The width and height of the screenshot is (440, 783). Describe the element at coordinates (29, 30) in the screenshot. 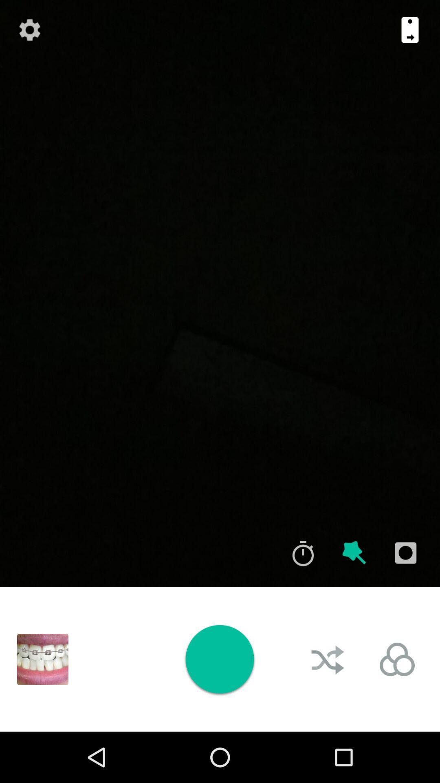

I see `icon at the top left corner` at that location.